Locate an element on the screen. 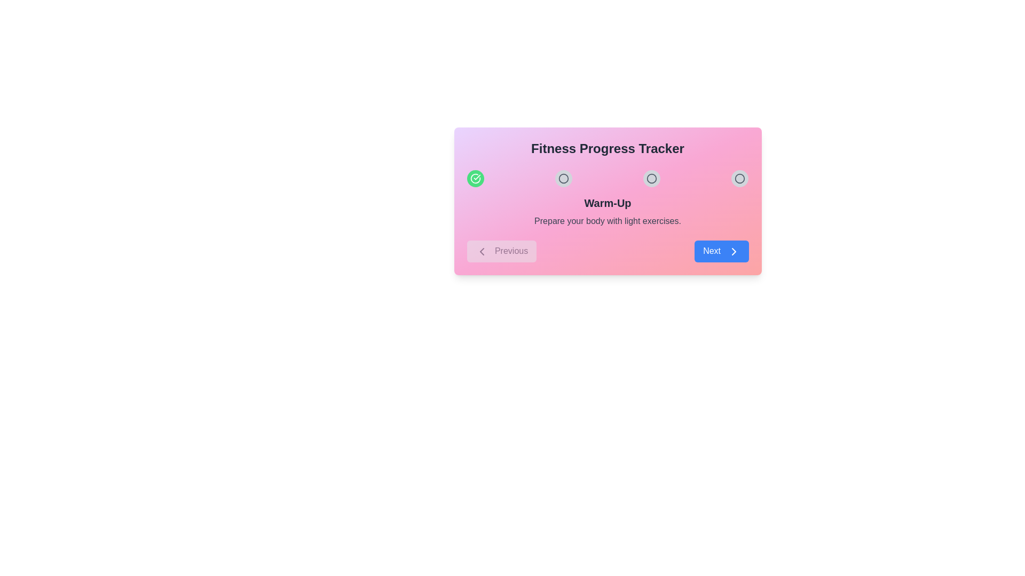  the Progress tracker with step indicators is located at coordinates (608, 178).